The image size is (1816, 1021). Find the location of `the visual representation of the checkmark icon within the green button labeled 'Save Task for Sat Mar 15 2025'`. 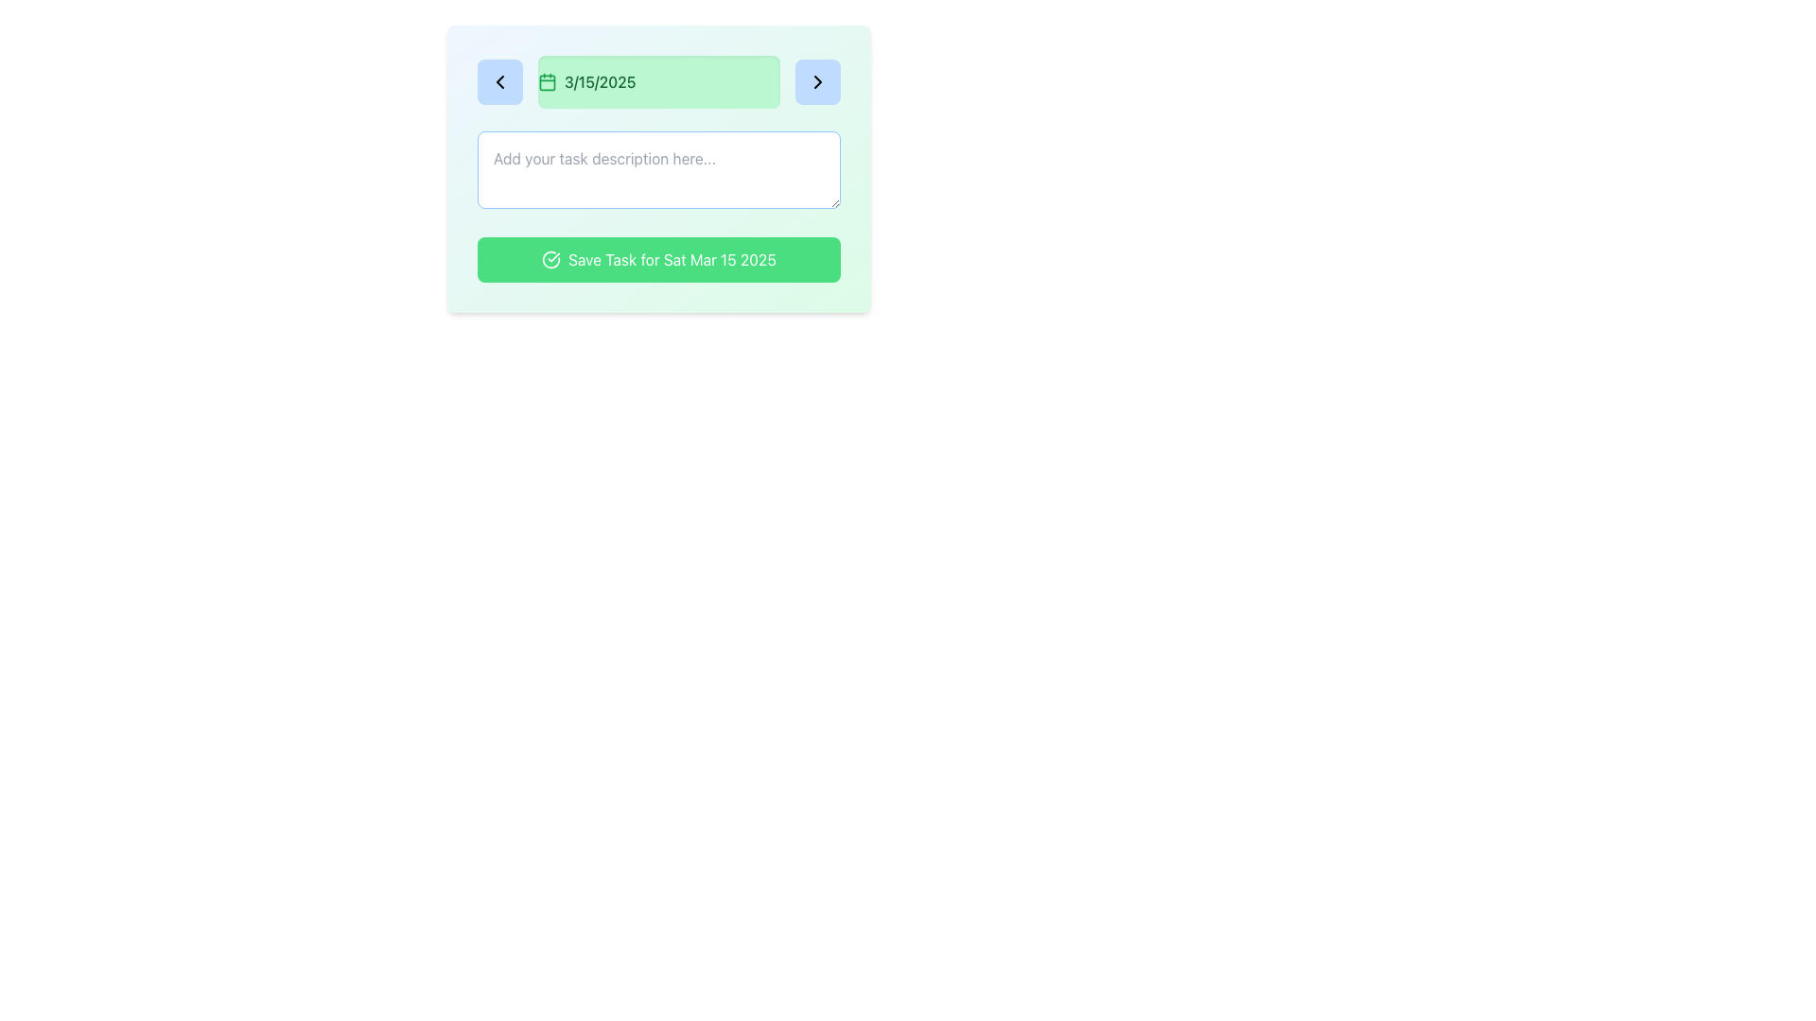

the visual representation of the checkmark icon within the green button labeled 'Save Task for Sat Mar 15 2025' is located at coordinates (550, 259).